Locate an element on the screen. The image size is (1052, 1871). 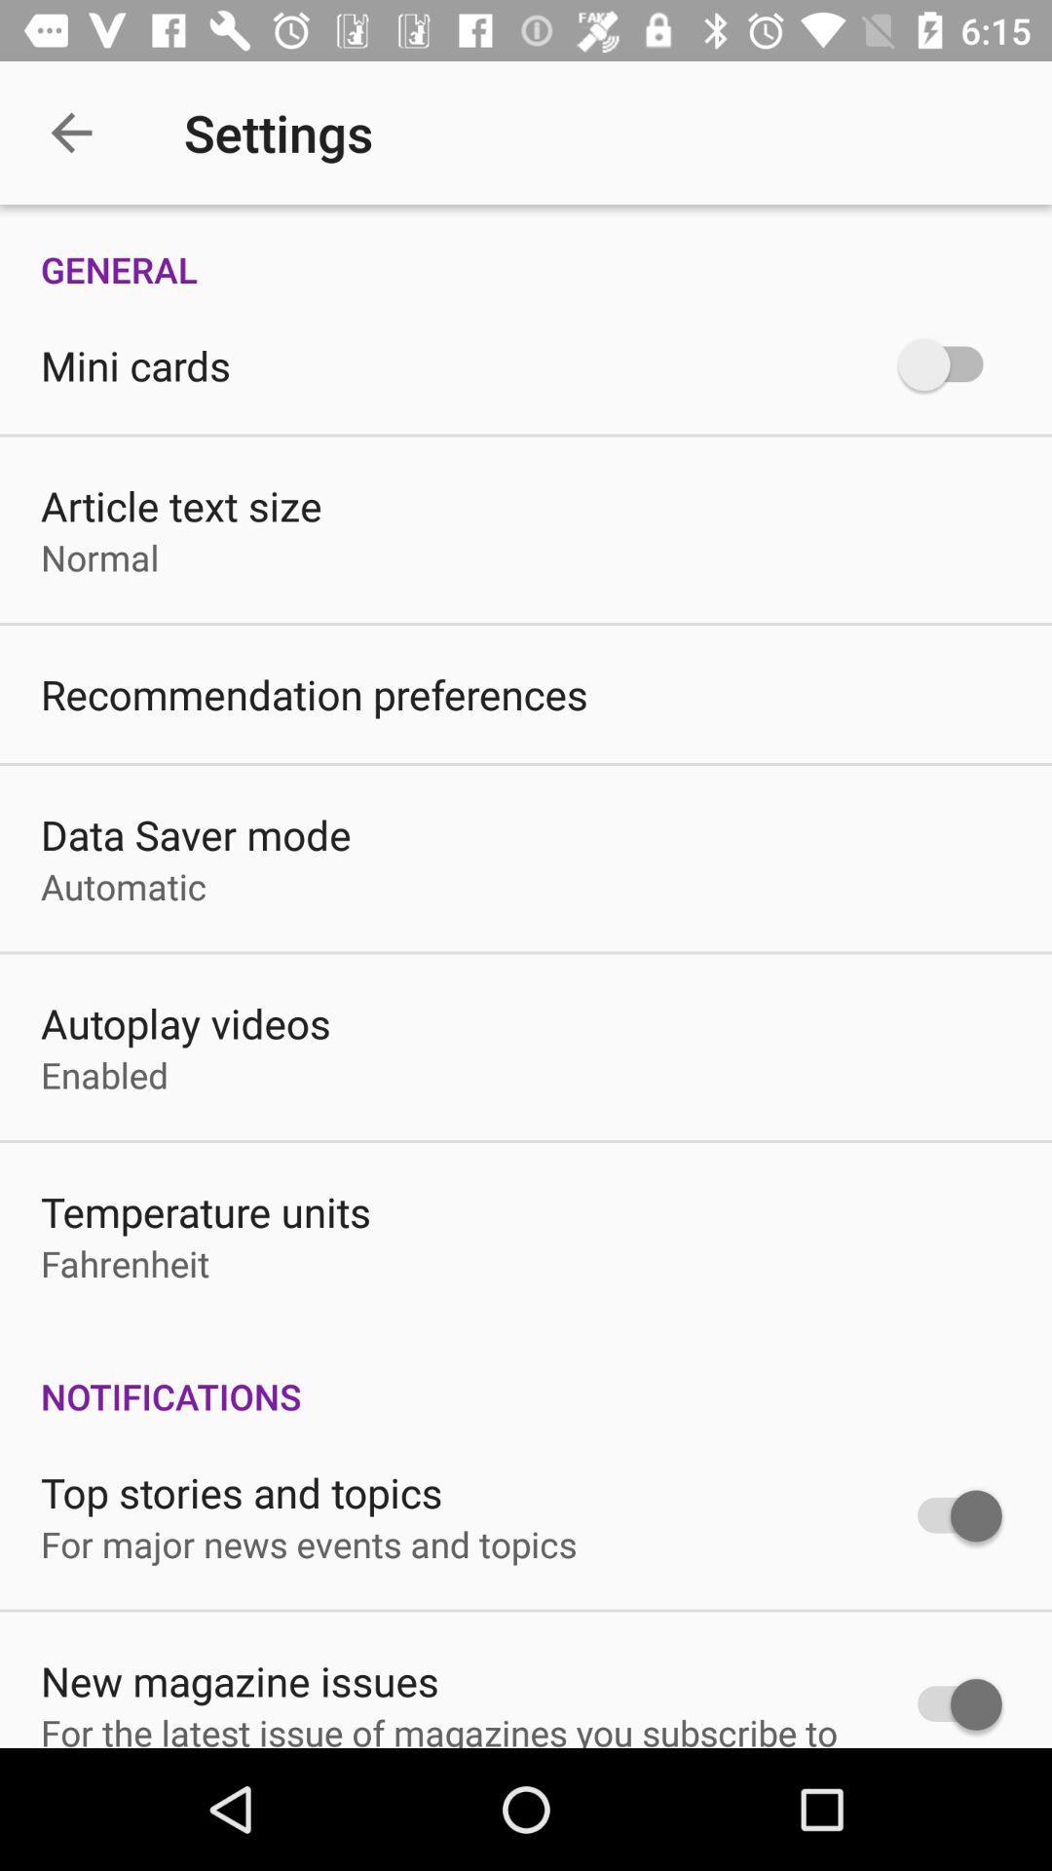
item below the data saver mode item is located at coordinates (124, 885).